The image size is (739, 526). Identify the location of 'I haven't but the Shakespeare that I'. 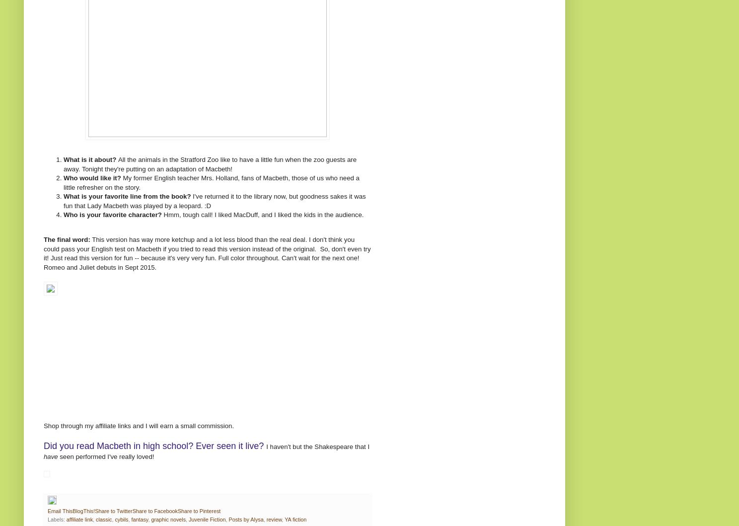
(317, 447).